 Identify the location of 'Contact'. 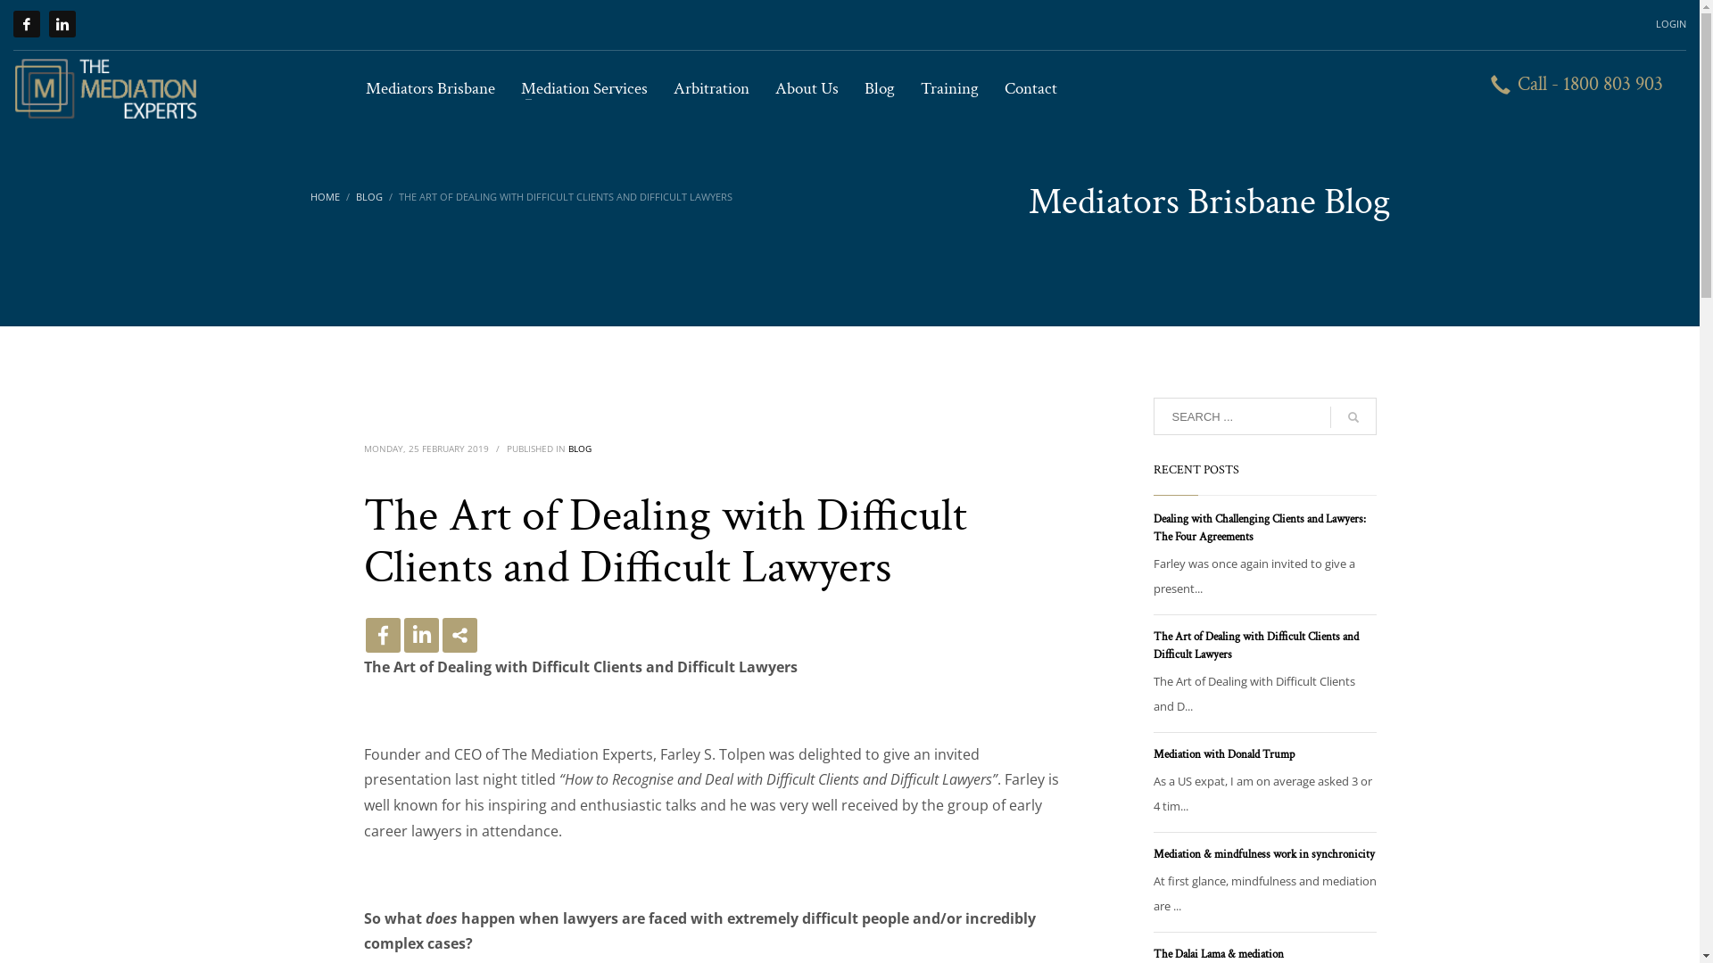
(992, 89).